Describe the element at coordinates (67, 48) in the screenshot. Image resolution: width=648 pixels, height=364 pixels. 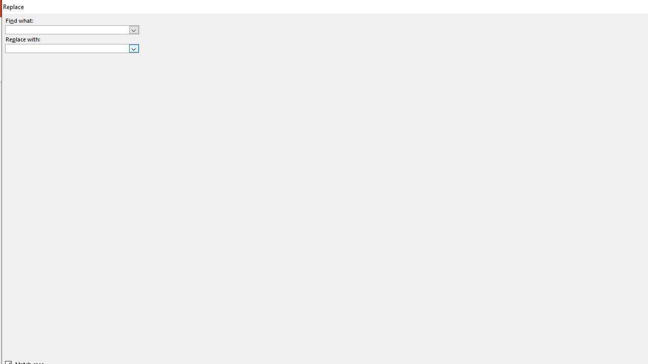
I see `'Replace with'` at that location.